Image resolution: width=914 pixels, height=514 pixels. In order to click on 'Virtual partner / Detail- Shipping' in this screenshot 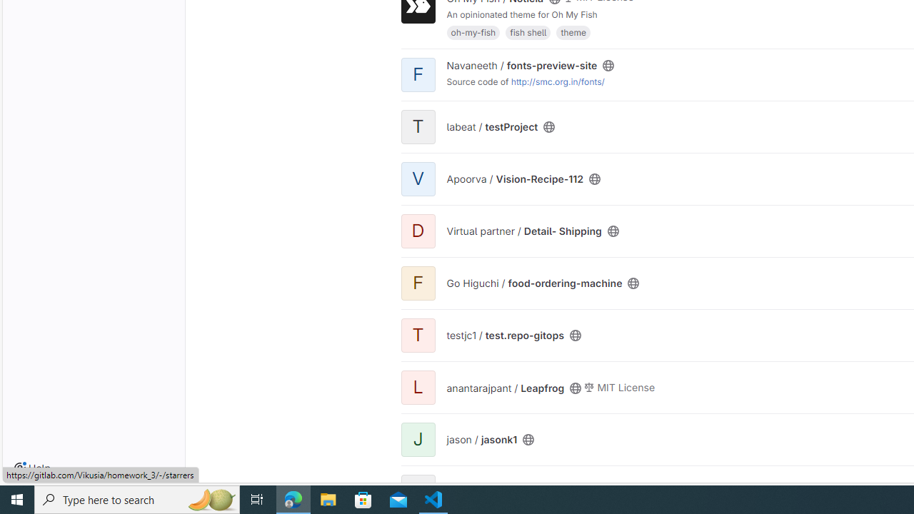, I will do `click(523, 231)`.